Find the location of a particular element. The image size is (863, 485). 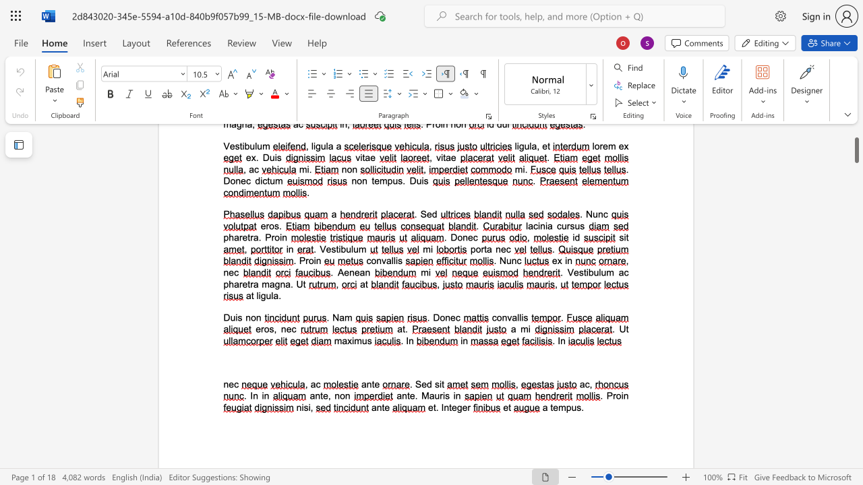

the space between the continuous character "e" and "r" in the text is located at coordinates (467, 407).